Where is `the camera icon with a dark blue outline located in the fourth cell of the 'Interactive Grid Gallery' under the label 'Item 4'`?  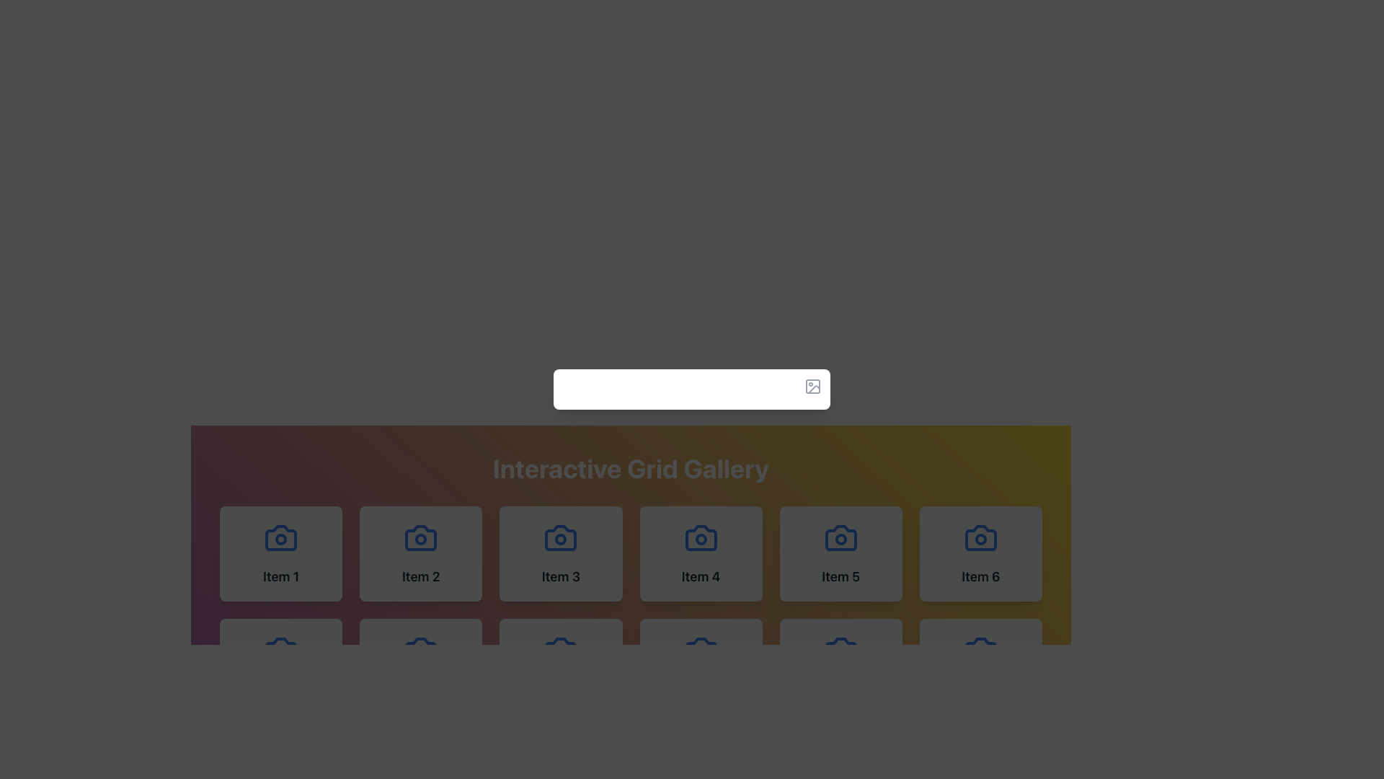
the camera icon with a dark blue outline located in the fourth cell of the 'Interactive Grid Gallery' under the label 'Item 4' is located at coordinates (701, 537).